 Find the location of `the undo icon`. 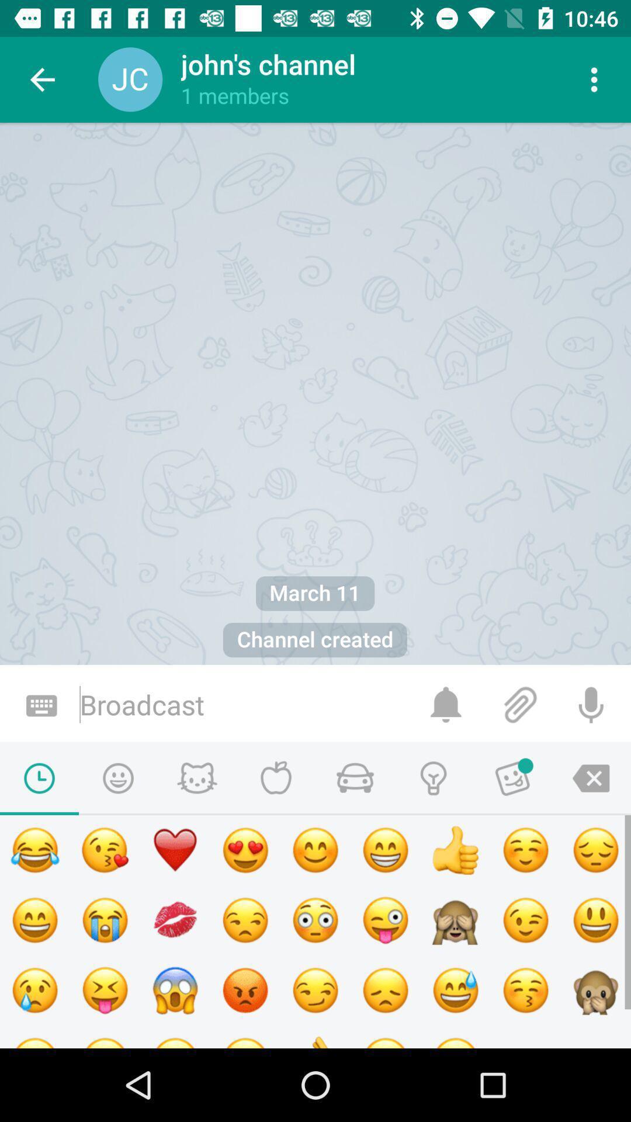

the undo icon is located at coordinates (610, 837).